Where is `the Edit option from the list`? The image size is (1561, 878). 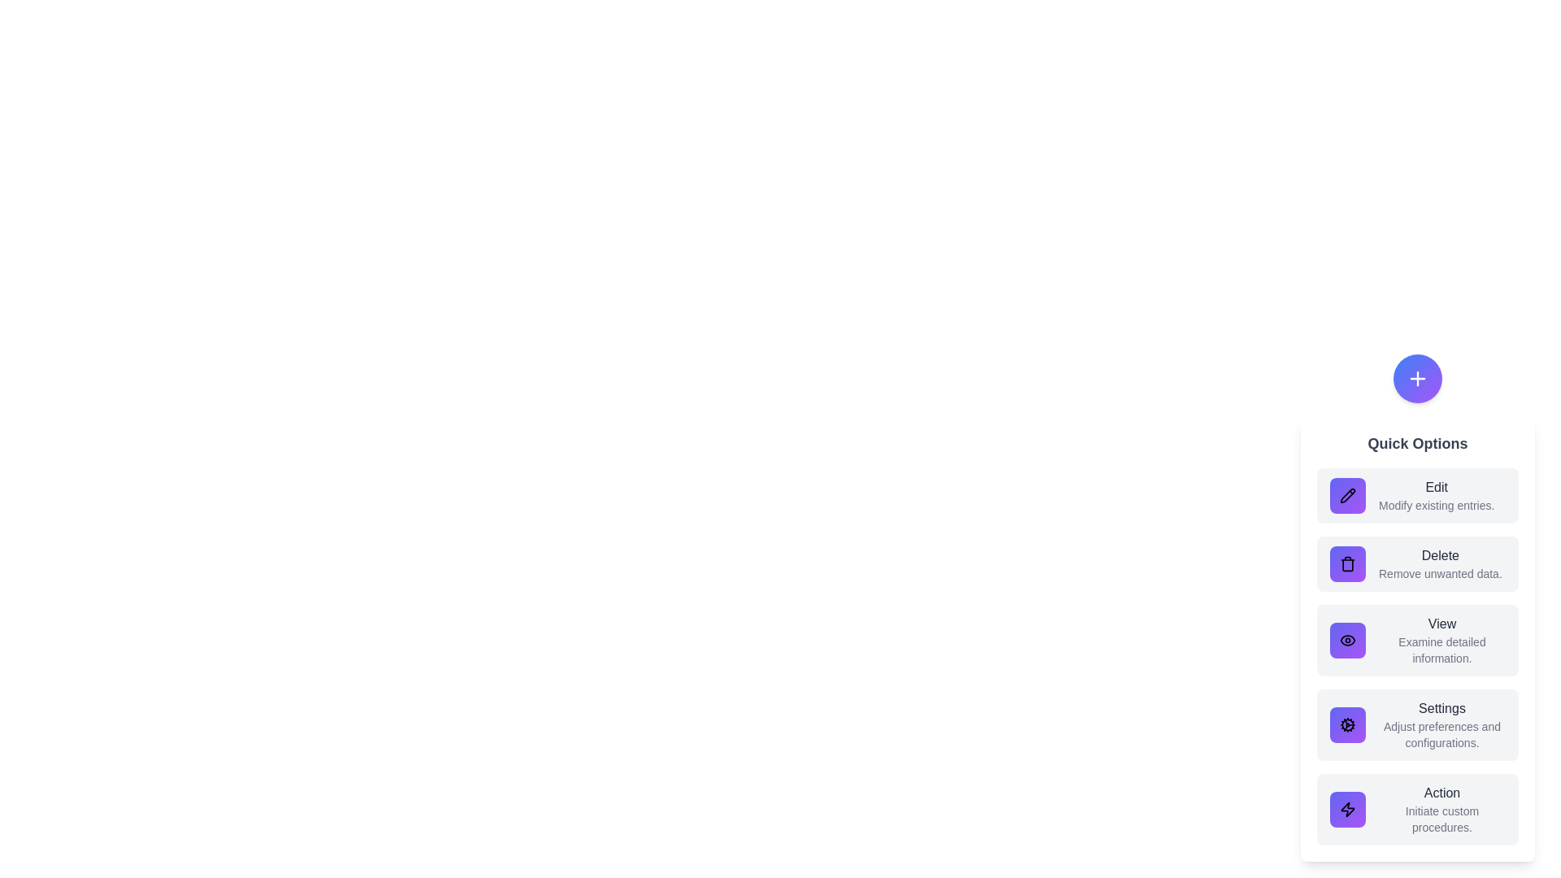 the Edit option from the list is located at coordinates (1416, 494).